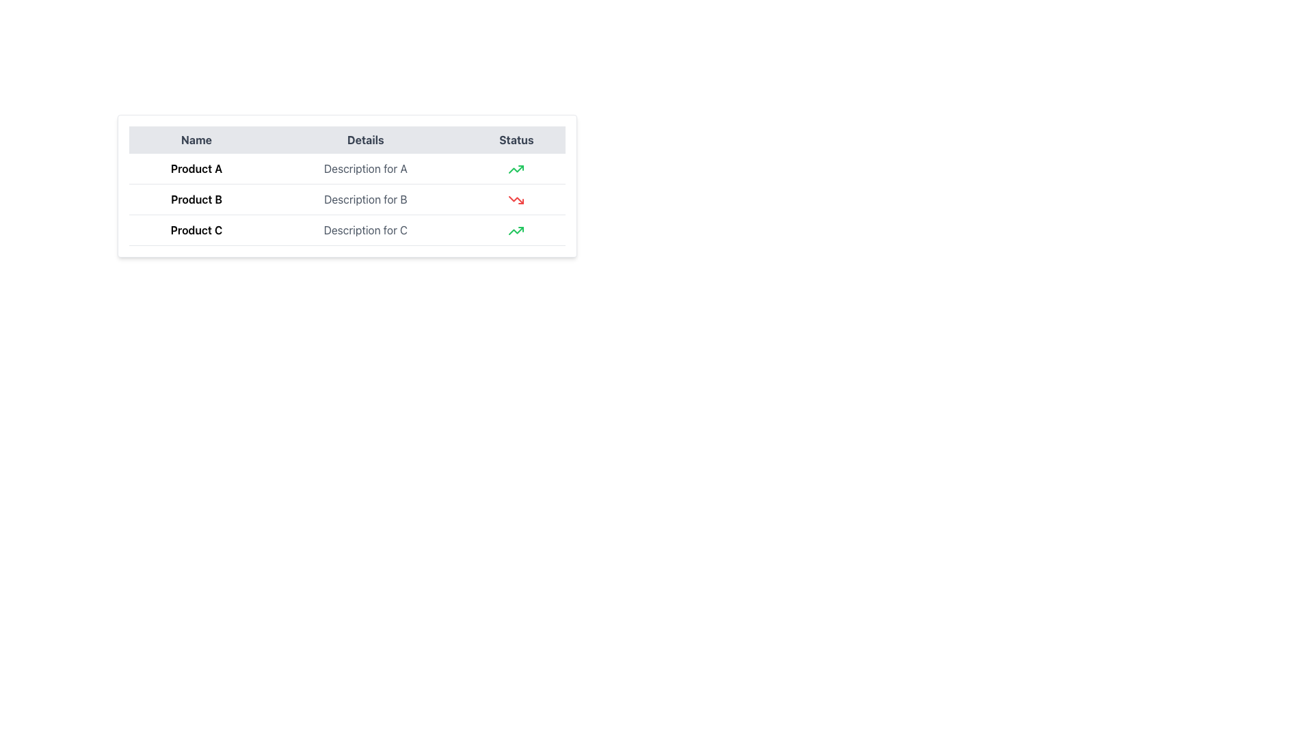 Image resolution: width=1313 pixels, height=738 pixels. What do you see at coordinates (516, 139) in the screenshot?
I see `the 'Status' header text label in the table layout, which is the third column following 'Name' and 'Details'` at bounding box center [516, 139].